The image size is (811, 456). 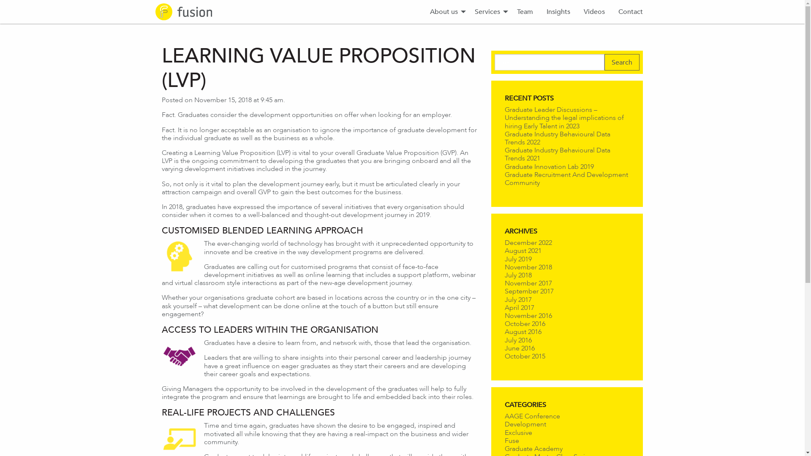 I want to click on 'Services', so click(x=468, y=11).